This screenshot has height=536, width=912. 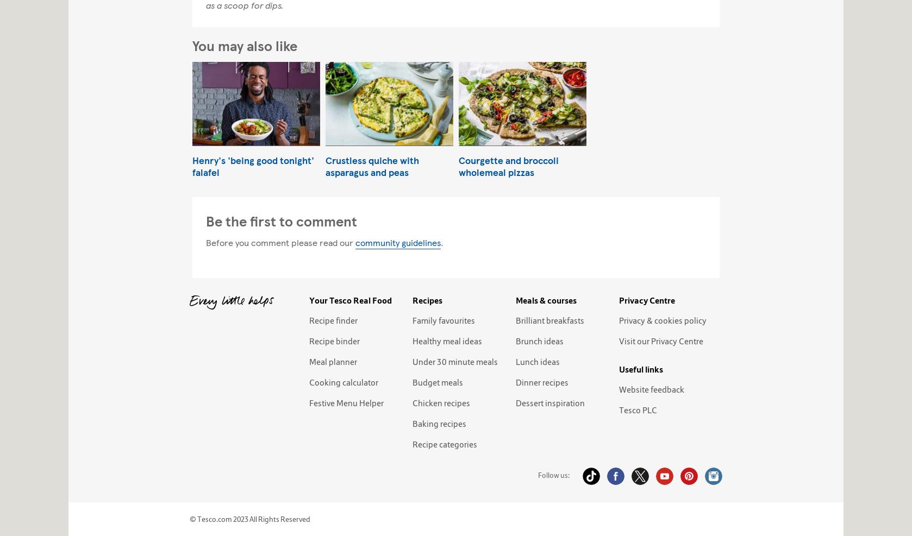 I want to click on 'Recipe finder', so click(x=333, y=319).